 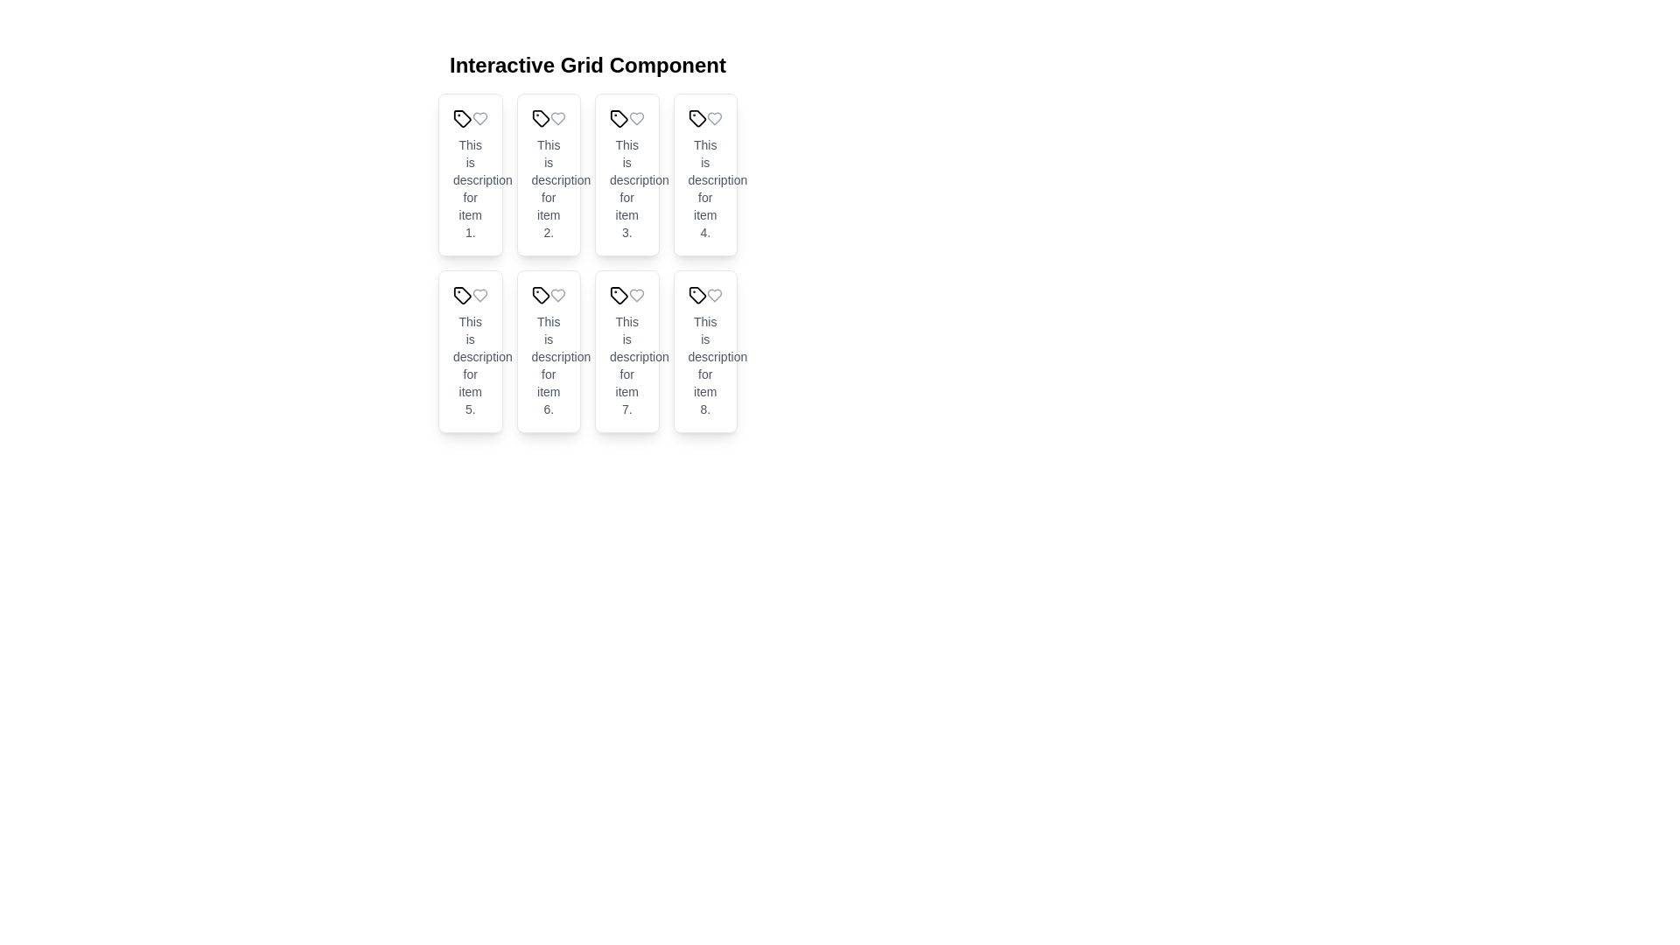 What do you see at coordinates (626, 189) in the screenshot?
I see `the text label displaying 'This is description for item 3.' located in the third tile of a 4x2 grid layout` at bounding box center [626, 189].